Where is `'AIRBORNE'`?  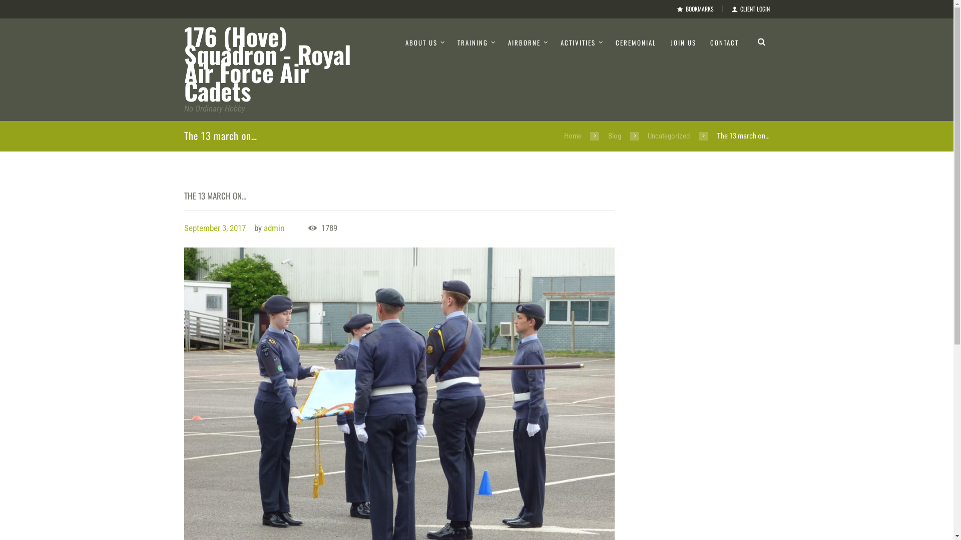
'AIRBORNE' is located at coordinates (527, 42).